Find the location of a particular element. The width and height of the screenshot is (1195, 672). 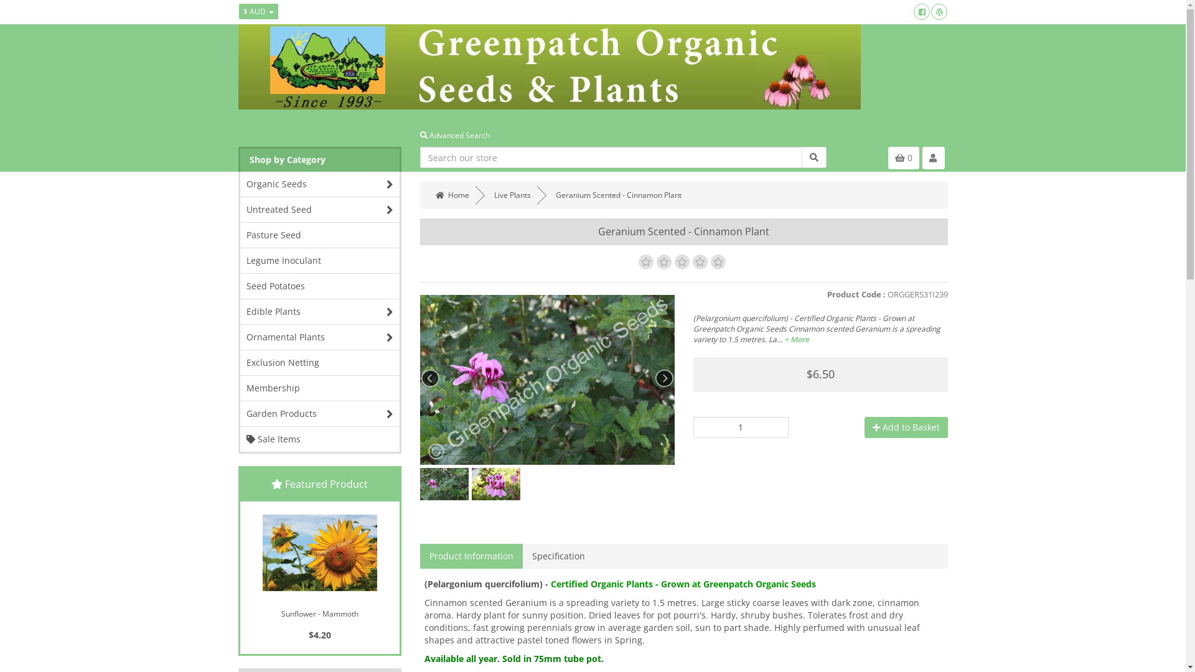

'Seed Potatoes' is located at coordinates (240, 286).